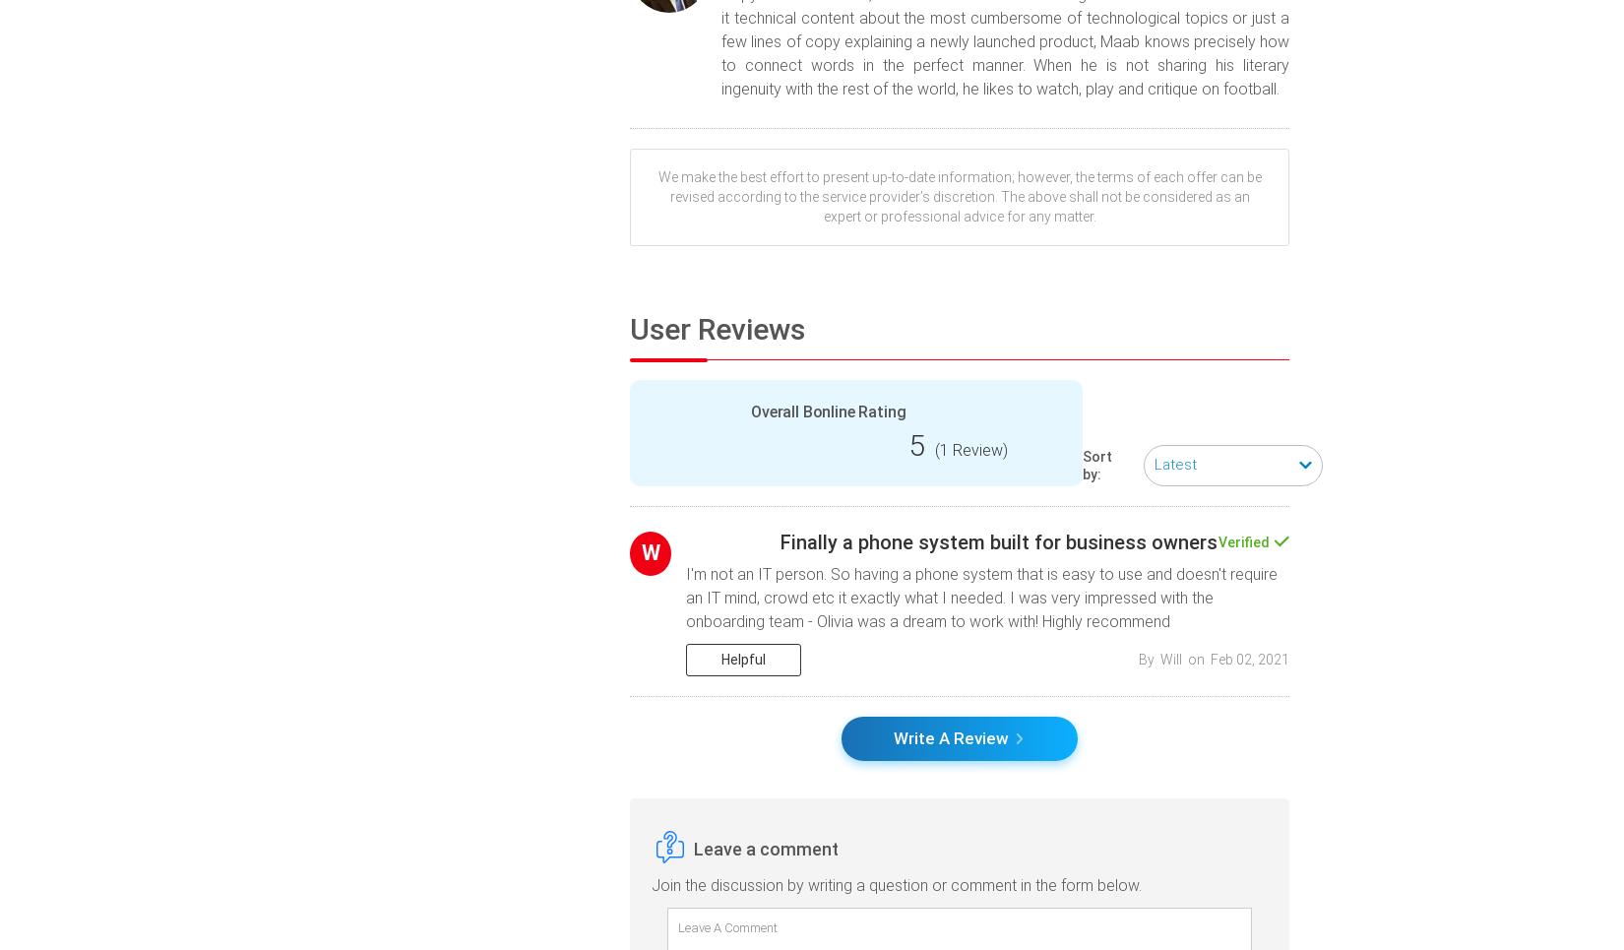 The height and width of the screenshot is (950, 1624). Describe the element at coordinates (1243, 539) in the screenshot. I see `'Verified'` at that location.